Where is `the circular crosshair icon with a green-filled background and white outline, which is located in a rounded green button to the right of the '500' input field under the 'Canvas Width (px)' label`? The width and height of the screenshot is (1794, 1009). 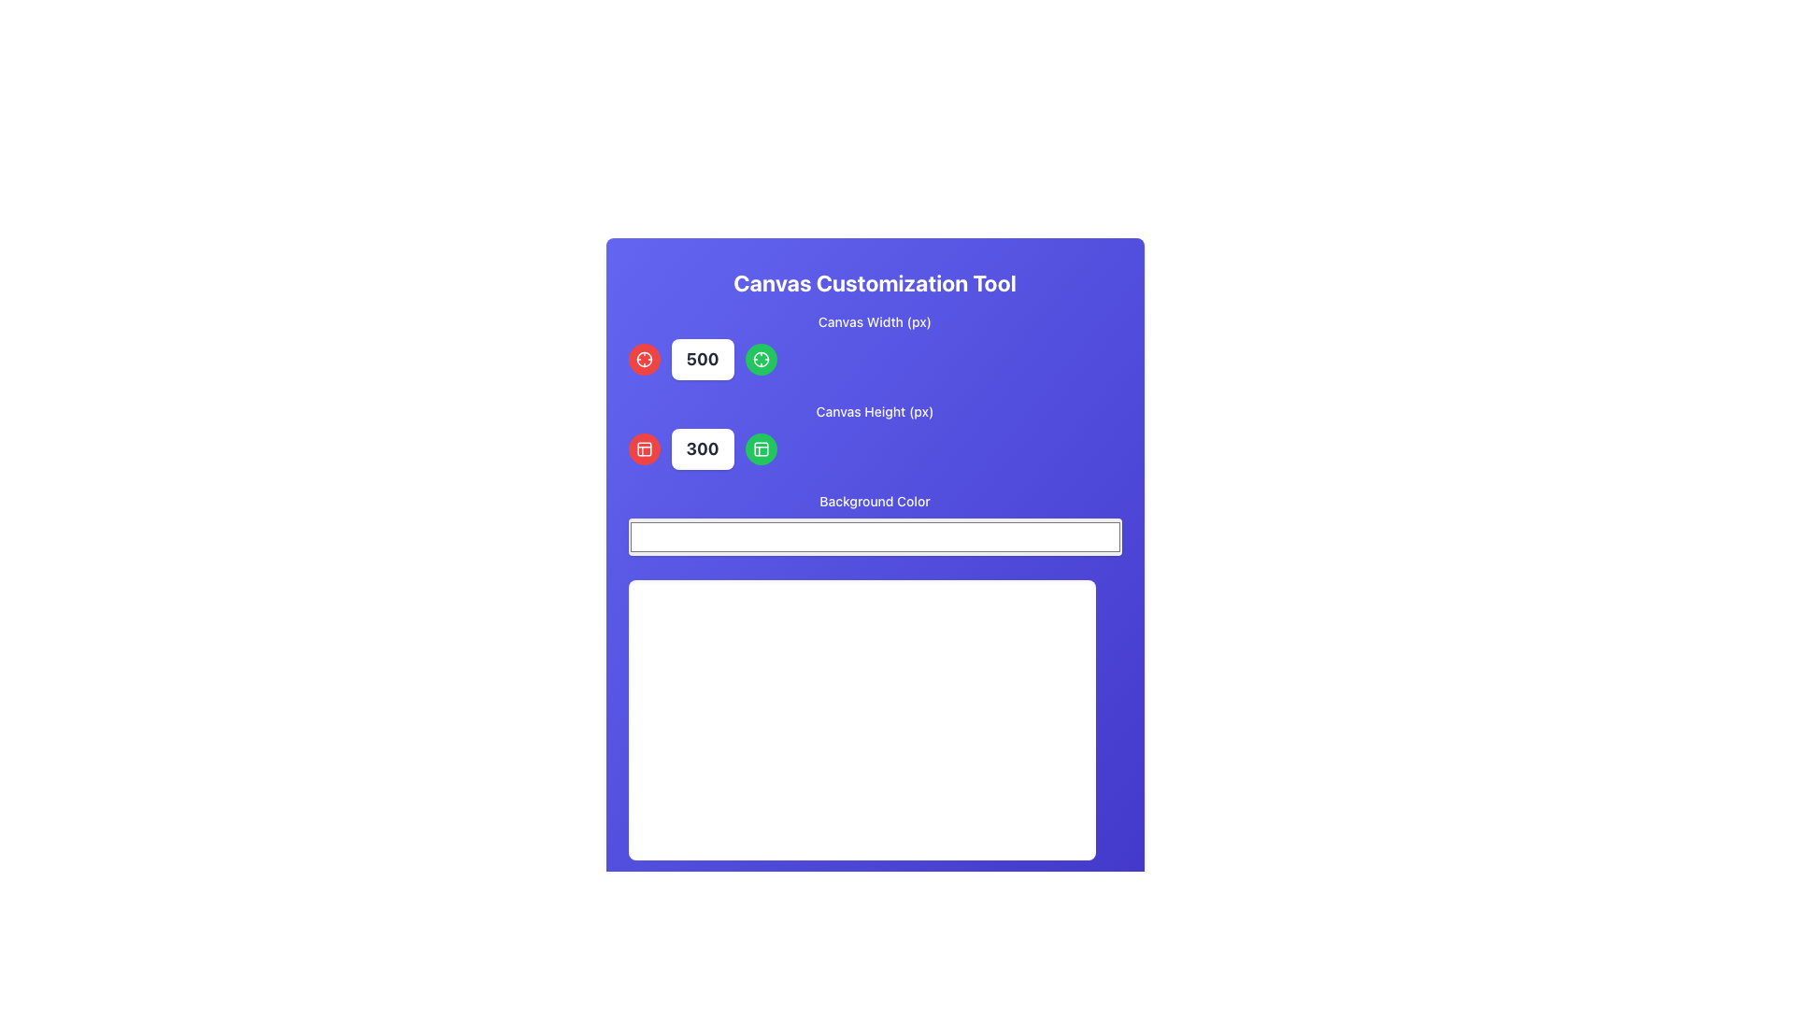
the circular crosshair icon with a green-filled background and white outline, which is located in a rounded green button to the right of the '500' input field under the 'Canvas Width (px)' label is located at coordinates (761, 360).